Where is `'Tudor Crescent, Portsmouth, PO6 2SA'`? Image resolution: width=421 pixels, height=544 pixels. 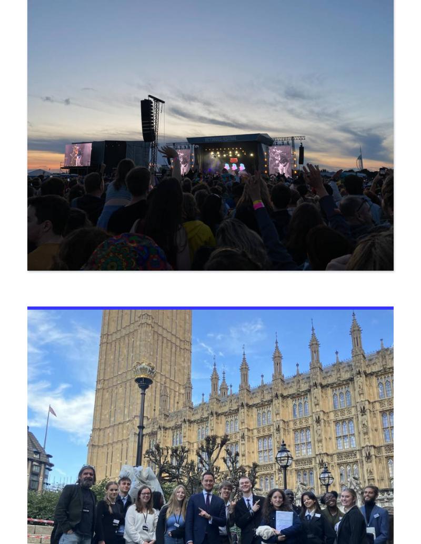 'Tudor Crescent, Portsmouth, PO6 2SA' is located at coordinates (34, 295).